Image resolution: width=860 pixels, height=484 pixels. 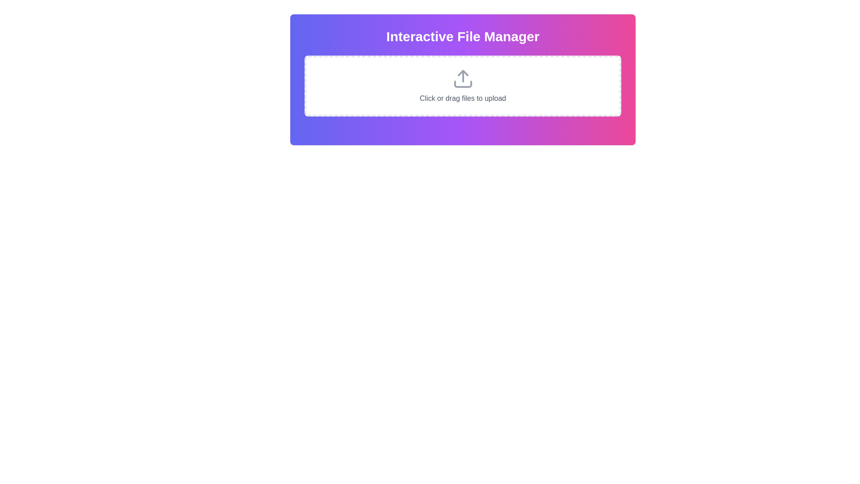 I want to click on contents of the 'Interactive File Manager' panel, which features a gradient background and an upload area with the text 'Click or drag files to upload', so click(x=463, y=79).